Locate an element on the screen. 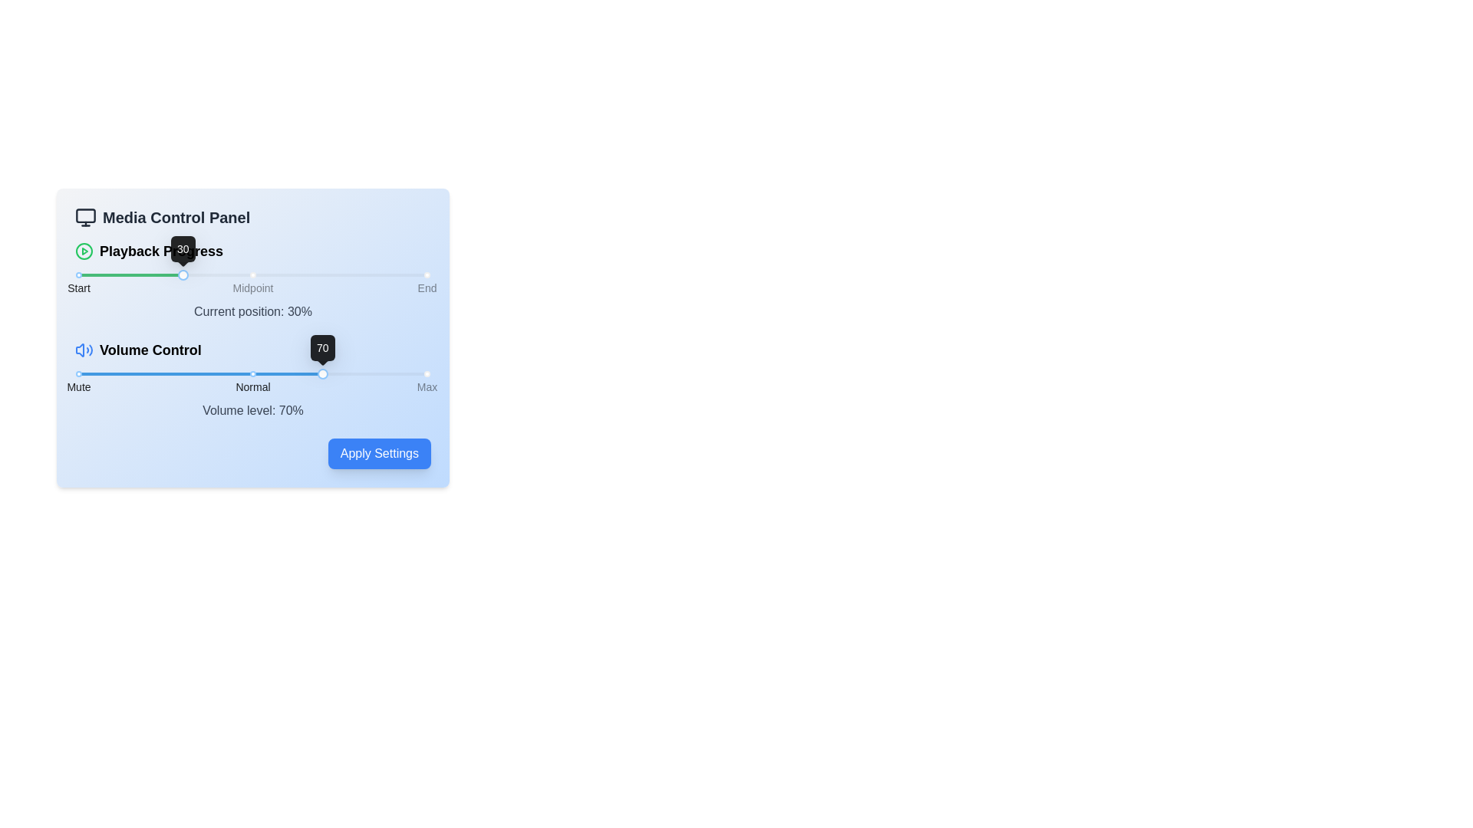 The width and height of the screenshot is (1473, 828). the monitor icon representation located in the top-left corner of the interface, adjacent to the 'Media Control Panel' title is located at coordinates (84, 215).